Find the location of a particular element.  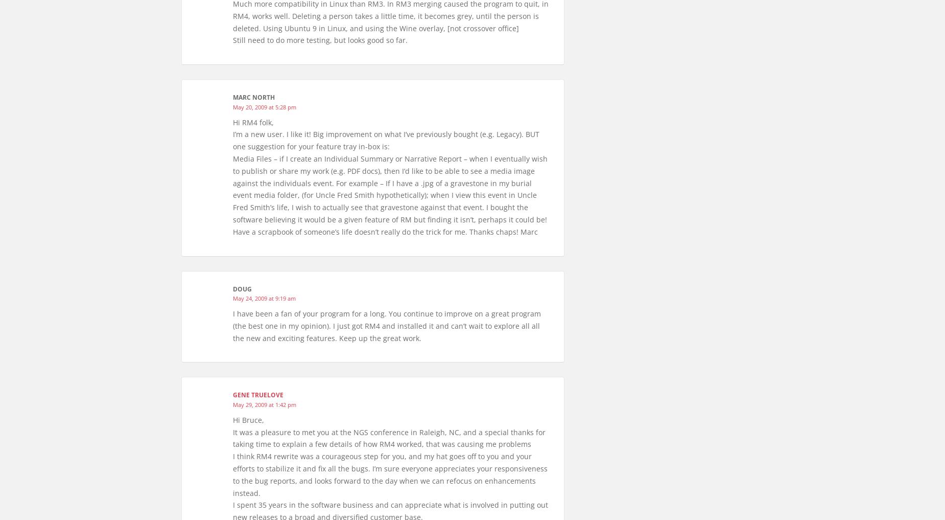

'Hi RM4 folk,' is located at coordinates (232, 121).